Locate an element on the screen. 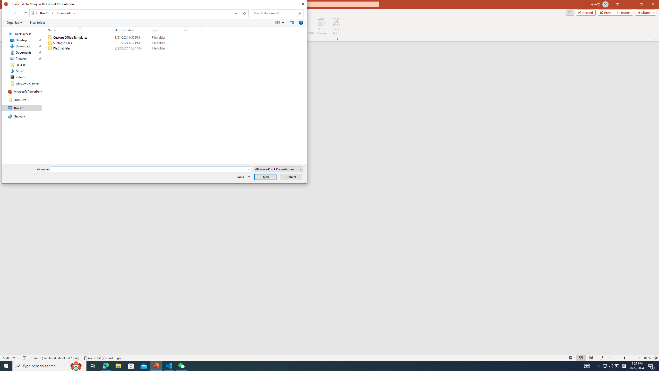  'Visual Studio Code - 1 running window' is located at coordinates (169, 365).